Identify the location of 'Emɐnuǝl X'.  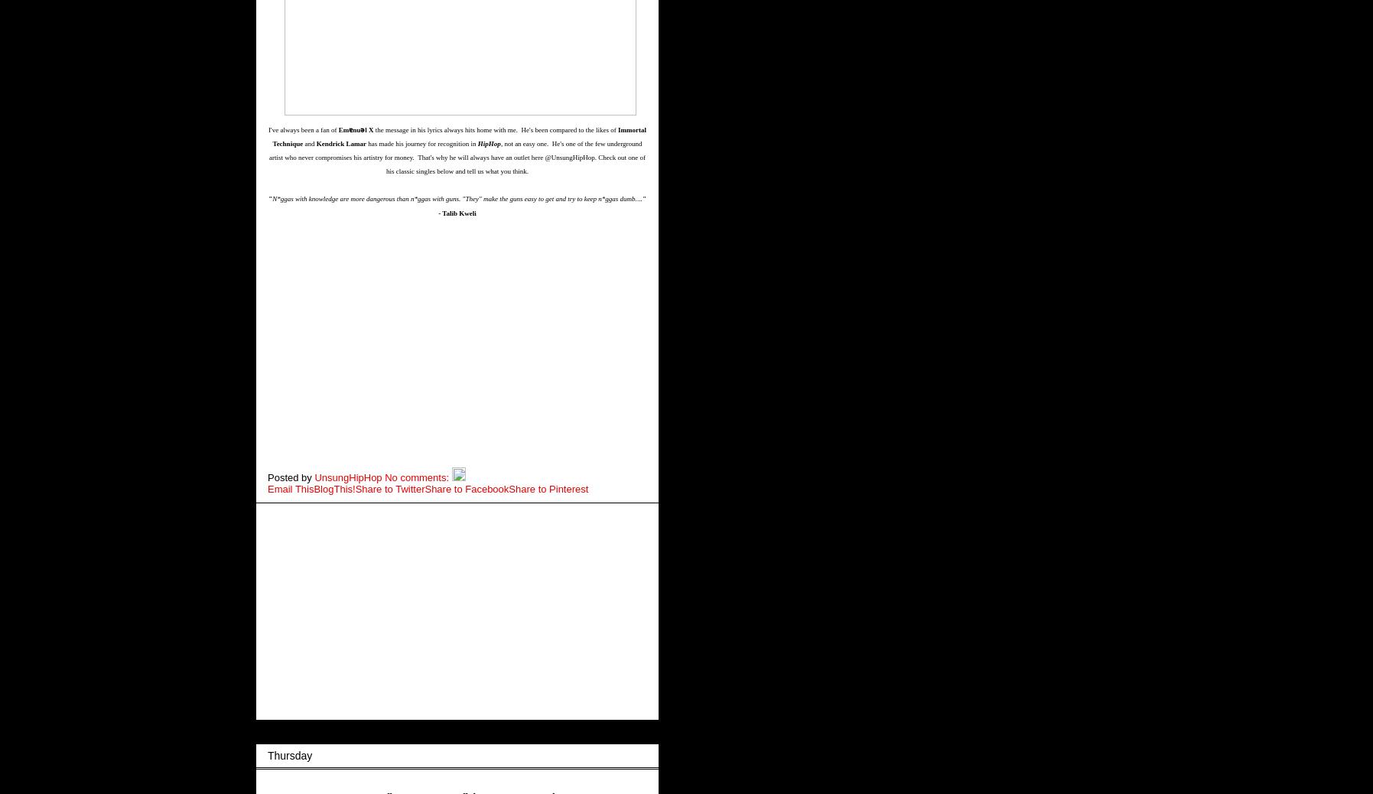
(356, 128).